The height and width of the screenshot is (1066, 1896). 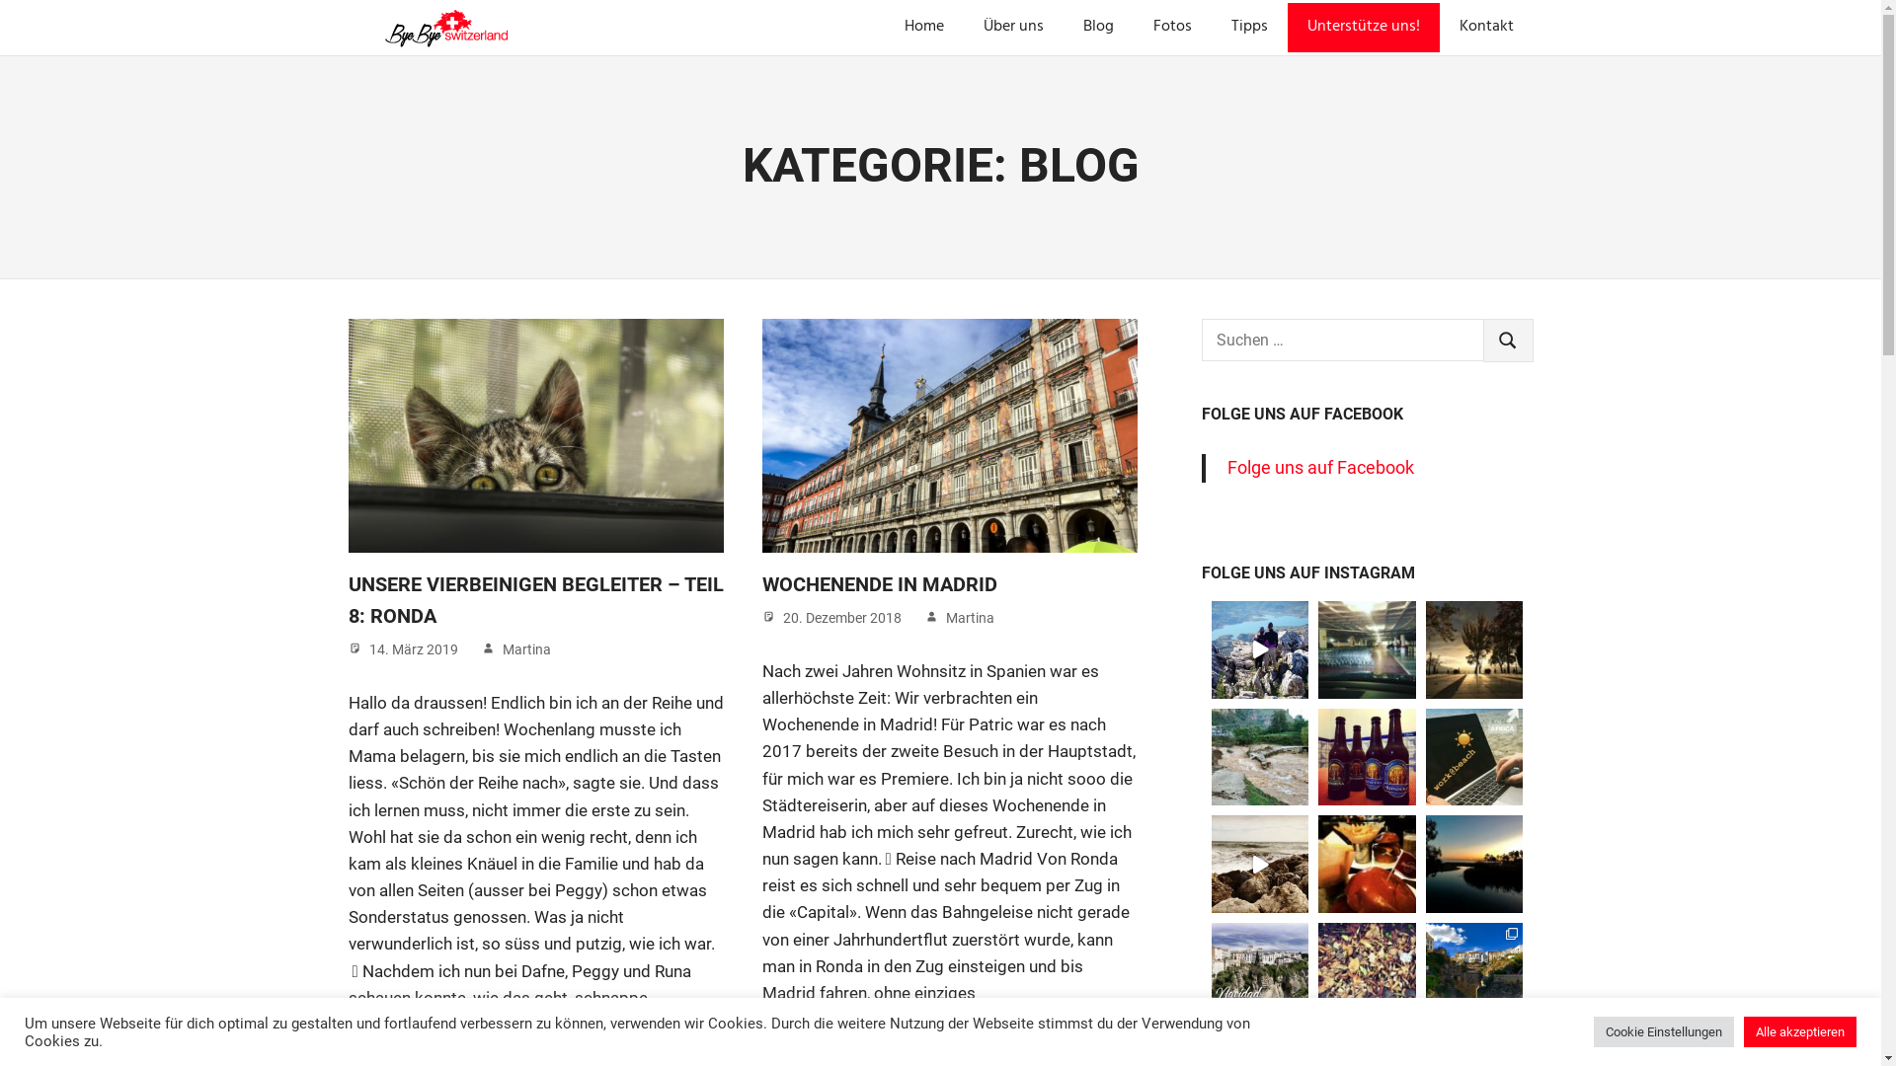 I want to click on 'Martina', so click(x=970, y=616).